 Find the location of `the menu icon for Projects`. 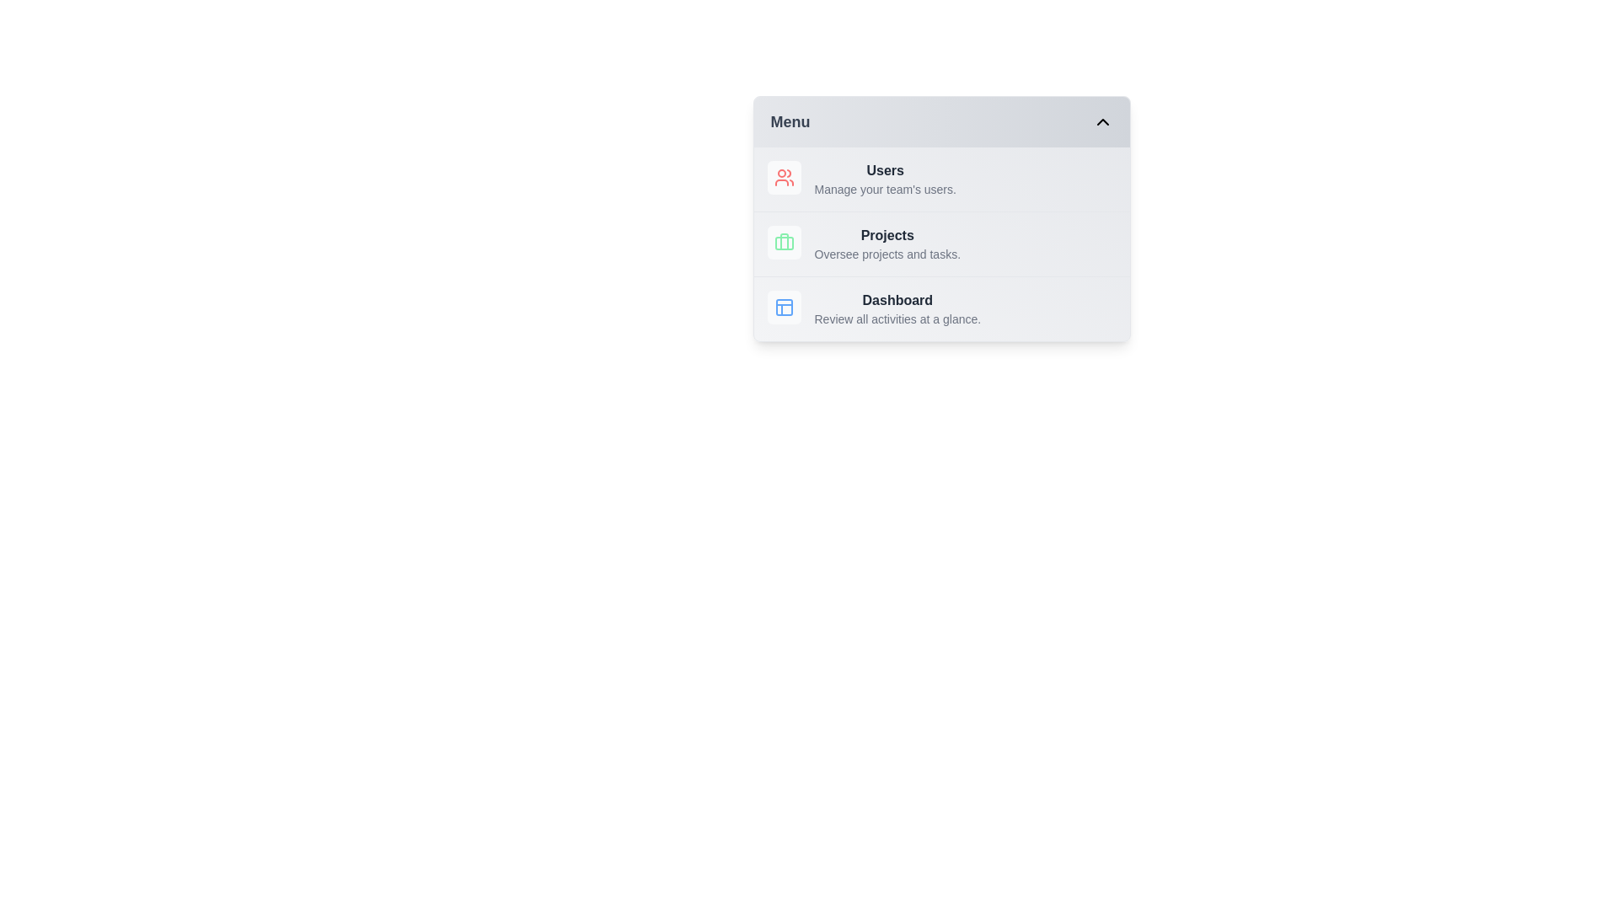

the menu icon for Projects is located at coordinates (783, 243).